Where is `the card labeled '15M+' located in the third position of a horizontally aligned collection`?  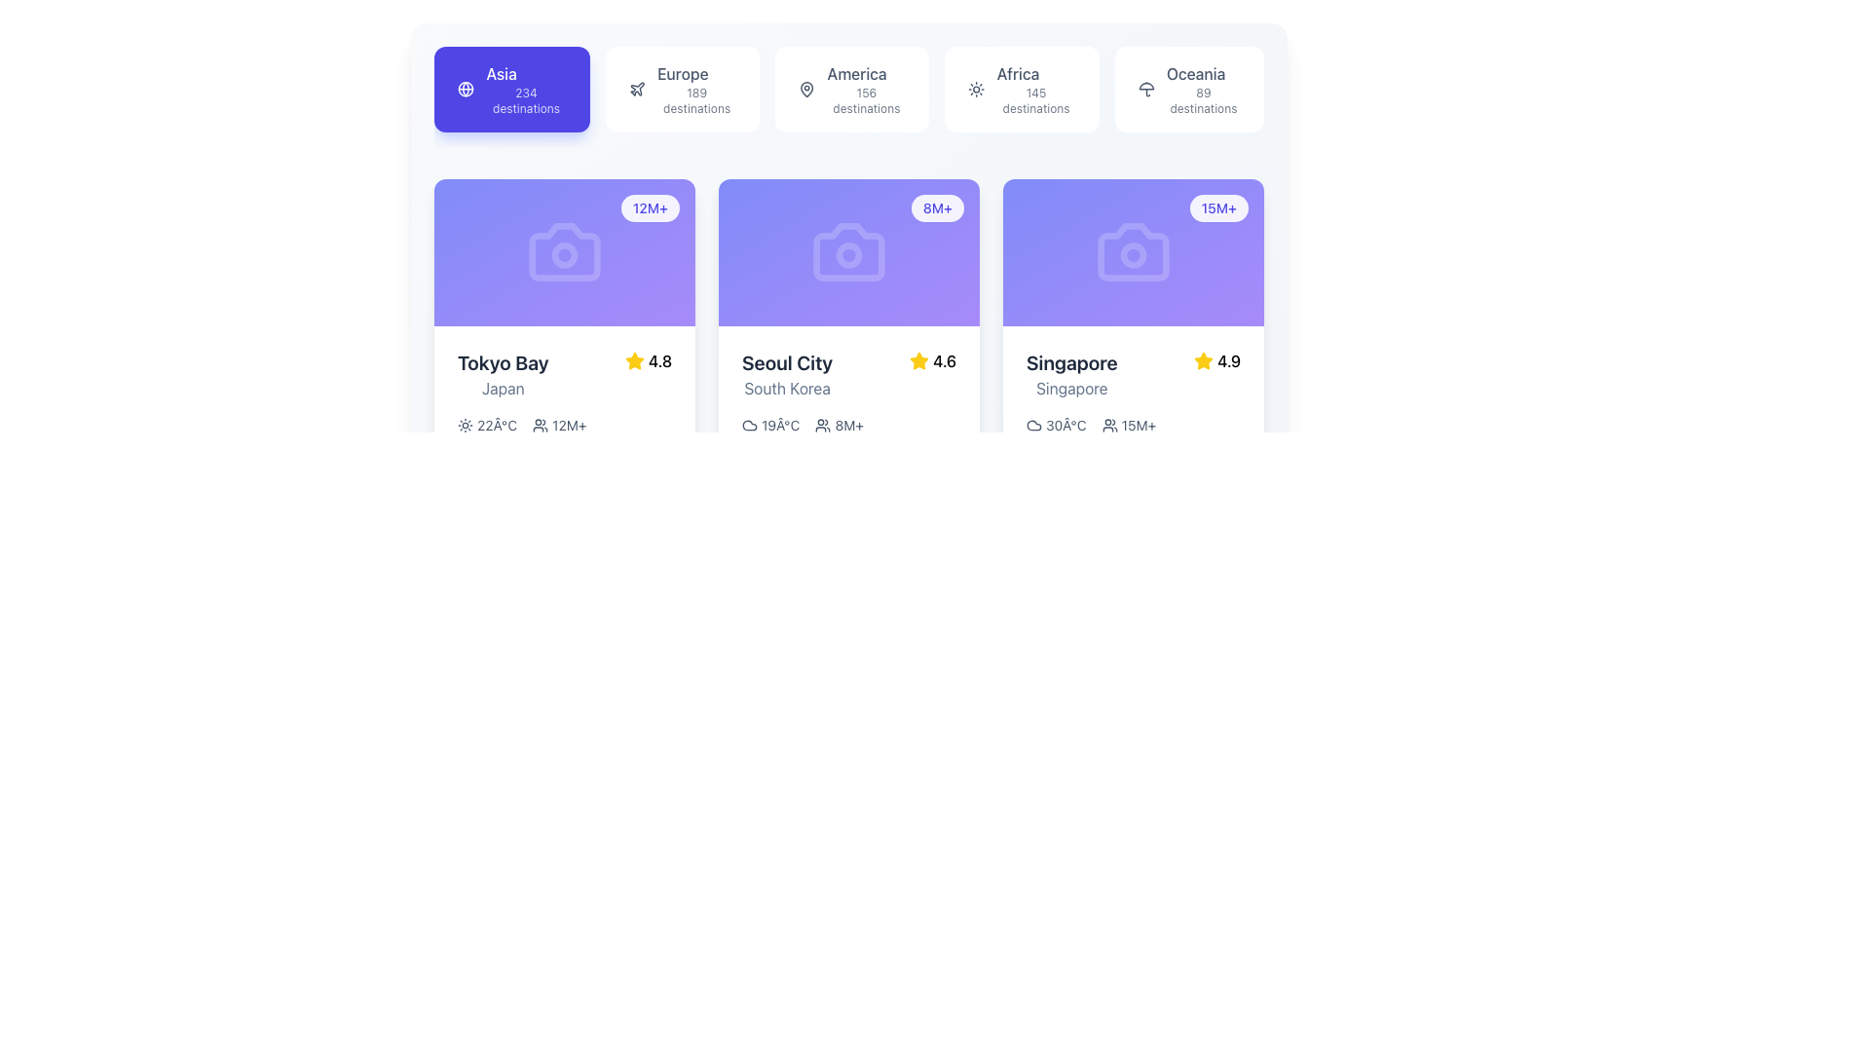 the card labeled '15M+' located in the third position of a horizontally aligned collection is located at coordinates (1133, 381).